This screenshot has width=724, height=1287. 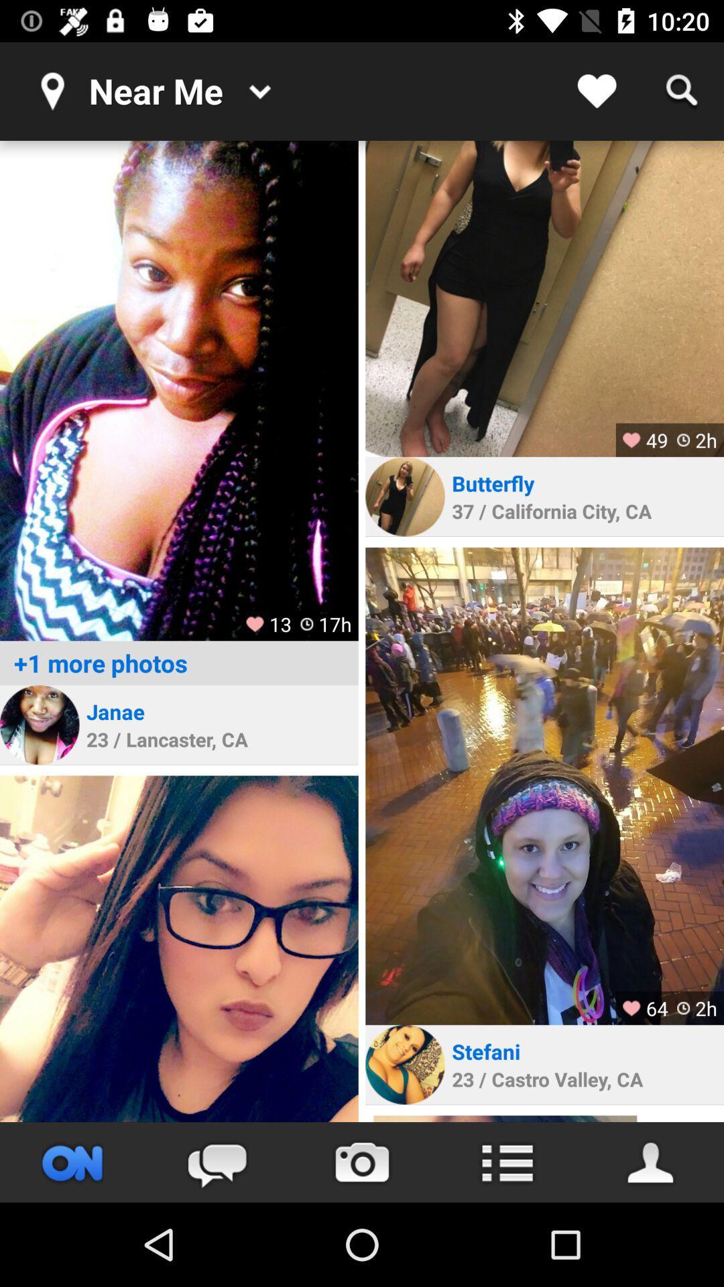 What do you see at coordinates (178, 948) in the screenshot?
I see `social network self` at bounding box center [178, 948].